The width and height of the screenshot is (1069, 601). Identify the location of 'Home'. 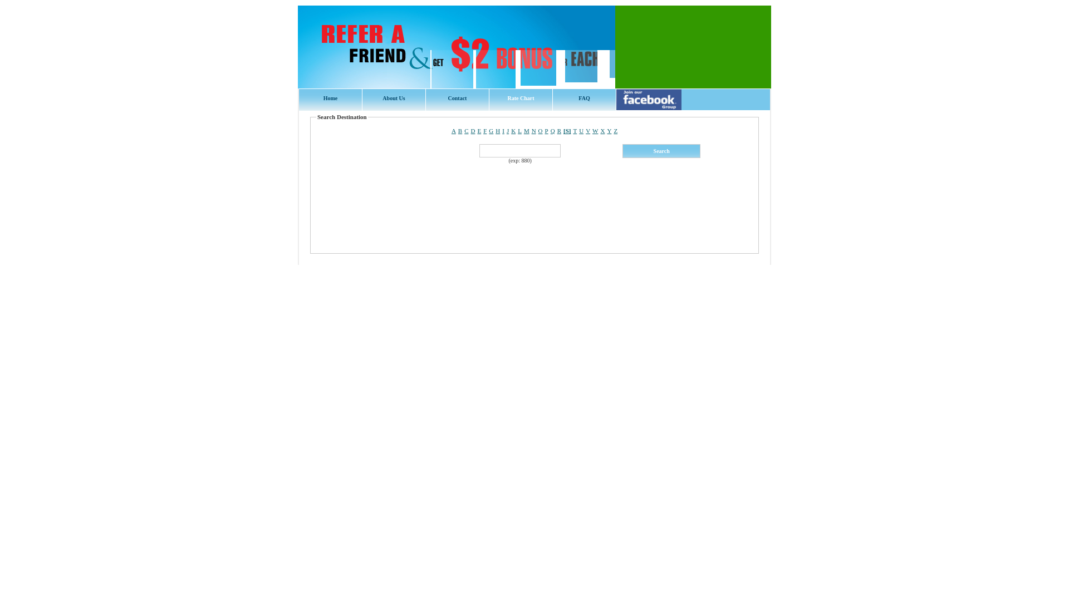
(330, 98).